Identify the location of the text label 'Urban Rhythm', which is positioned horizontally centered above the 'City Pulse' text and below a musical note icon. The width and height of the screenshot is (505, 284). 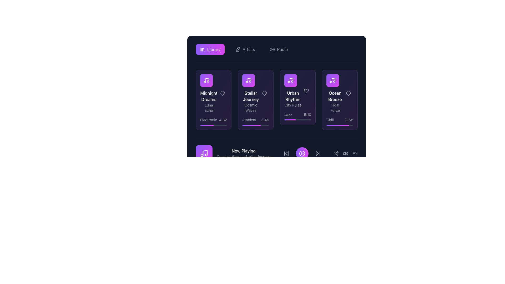
(292, 96).